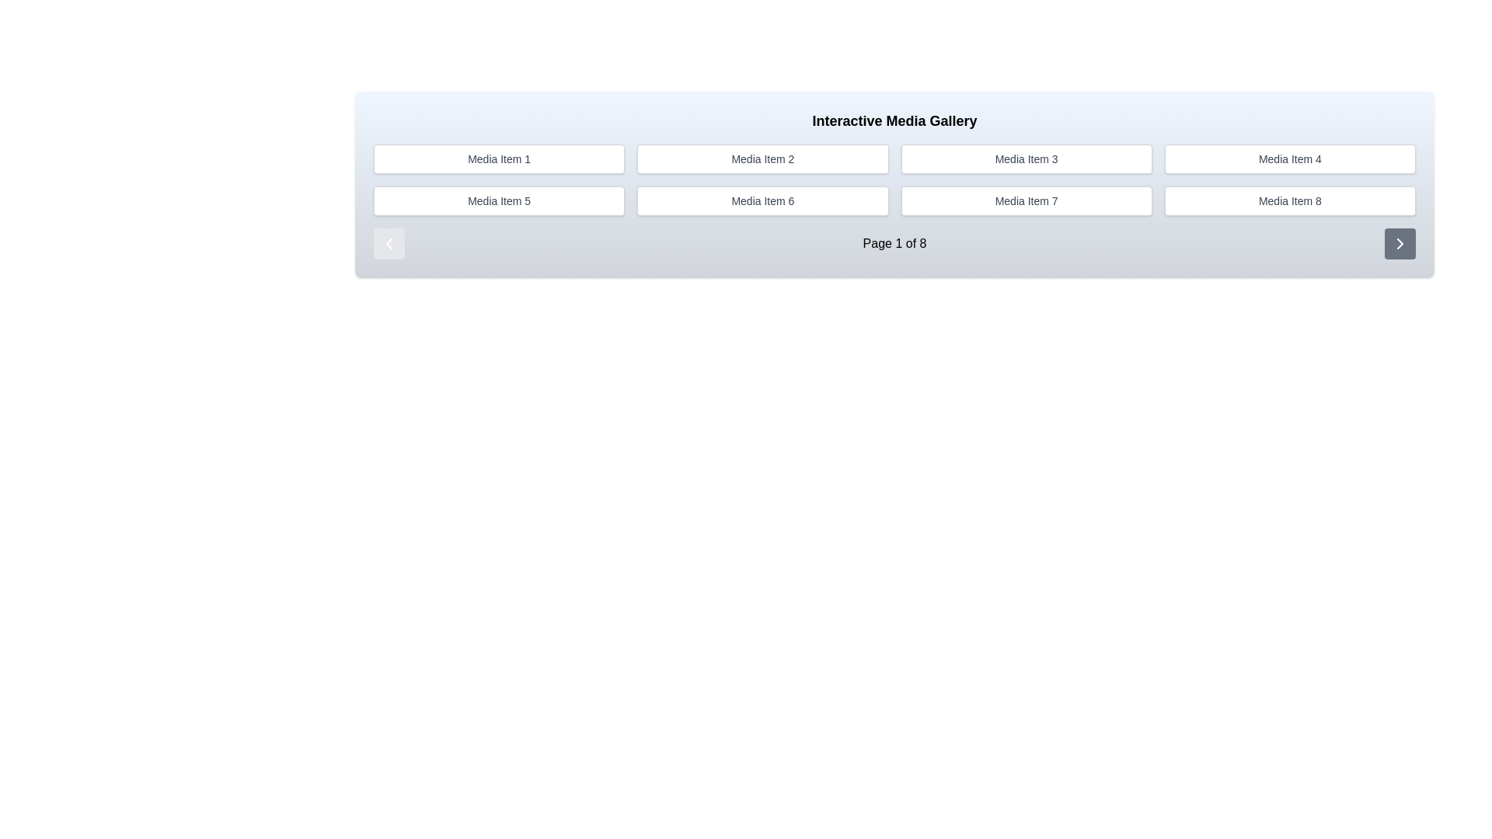 The width and height of the screenshot is (1492, 839). What do you see at coordinates (1400, 243) in the screenshot?
I see `the button located at the far right of the navigation bar in the media gallery` at bounding box center [1400, 243].